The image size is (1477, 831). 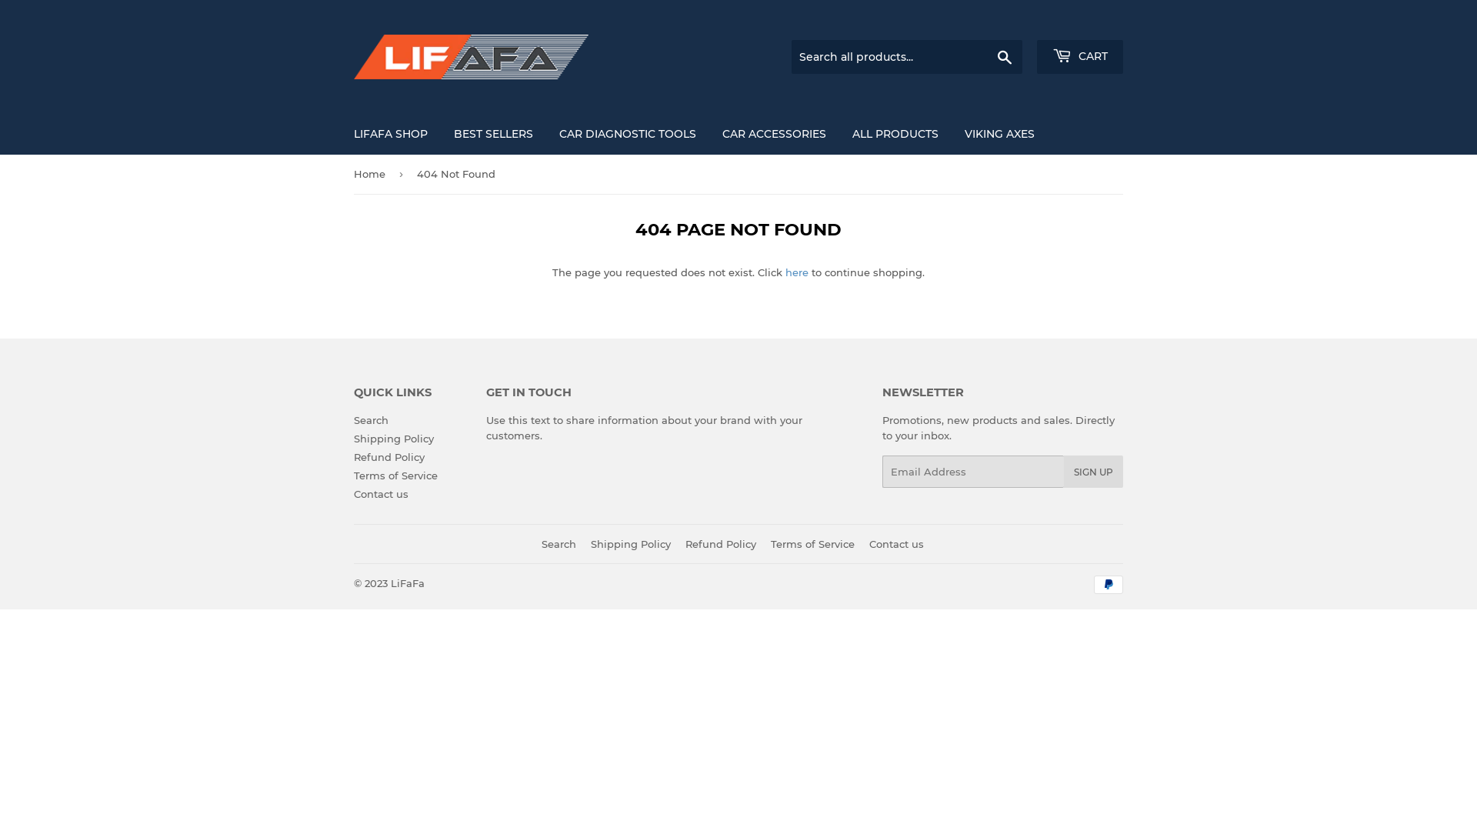 What do you see at coordinates (710, 132) in the screenshot?
I see `'CAR ACCESSORIES'` at bounding box center [710, 132].